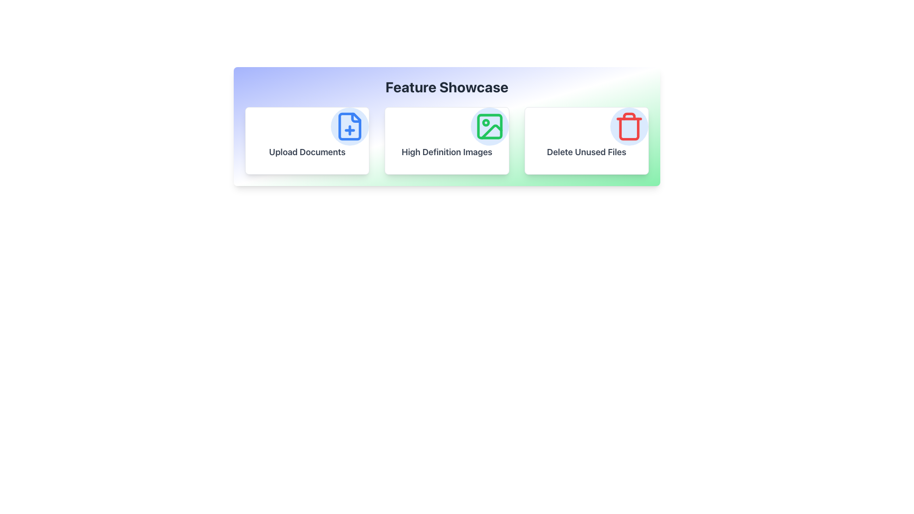 Image resolution: width=914 pixels, height=514 pixels. I want to click on the document upload icon located in the first card of the 'Feature Showcase' section, positioned above the 'Upload Documents' text, so click(349, 126).